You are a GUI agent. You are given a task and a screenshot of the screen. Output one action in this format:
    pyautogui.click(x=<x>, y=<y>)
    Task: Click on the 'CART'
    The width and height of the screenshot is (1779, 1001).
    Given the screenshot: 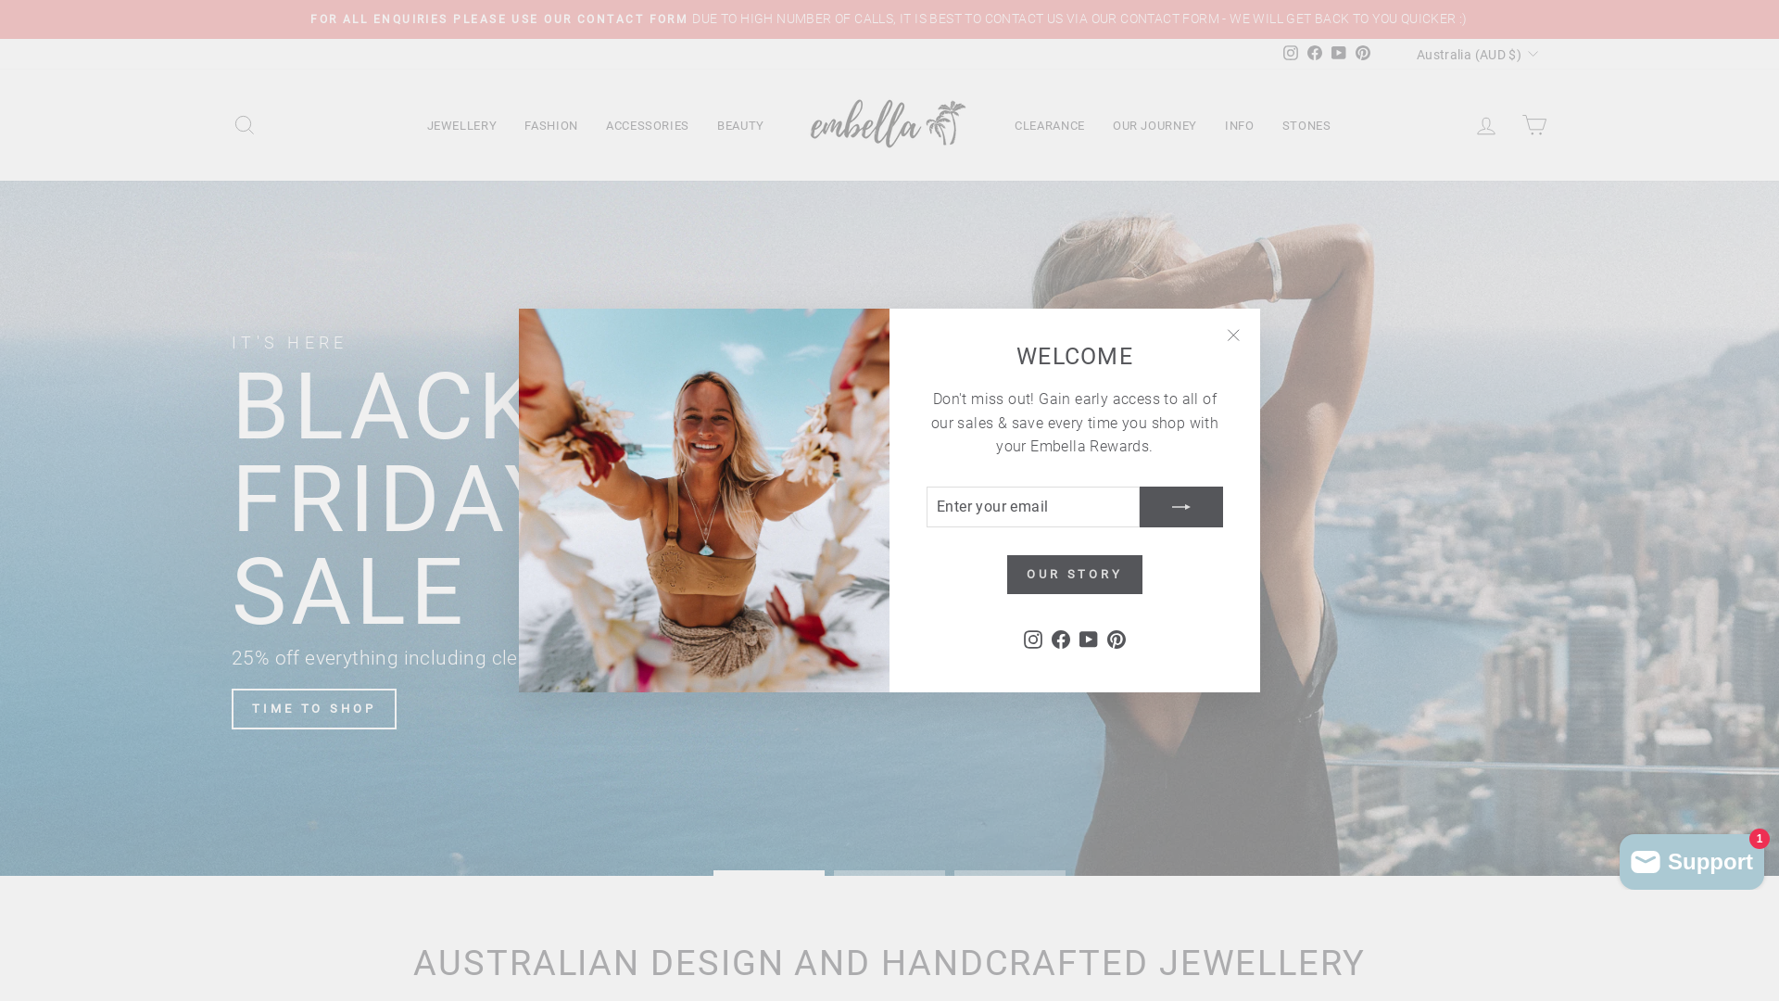 What is the action you would take?
    pyautogui.click(x=1534, y=125)
    